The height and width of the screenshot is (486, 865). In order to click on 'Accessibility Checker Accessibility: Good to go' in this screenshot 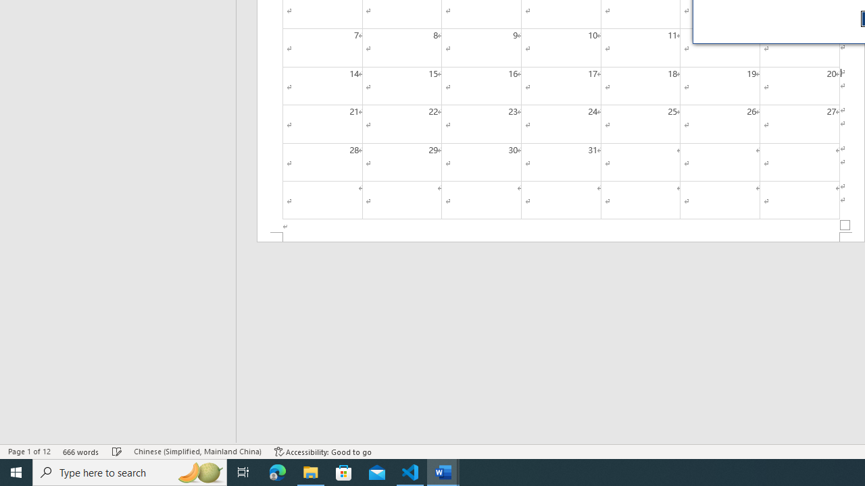, I will do `click(322, 452)`.